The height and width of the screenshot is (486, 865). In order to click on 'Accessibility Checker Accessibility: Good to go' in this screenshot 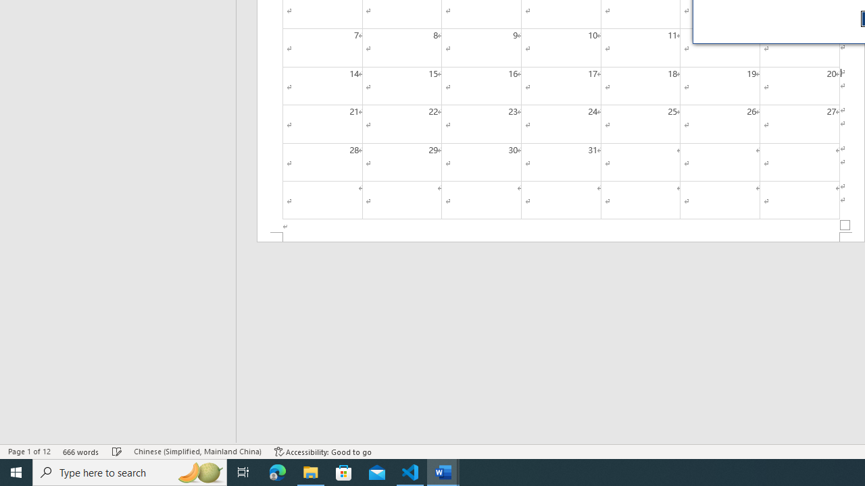, I will do `click(322, 452)`.